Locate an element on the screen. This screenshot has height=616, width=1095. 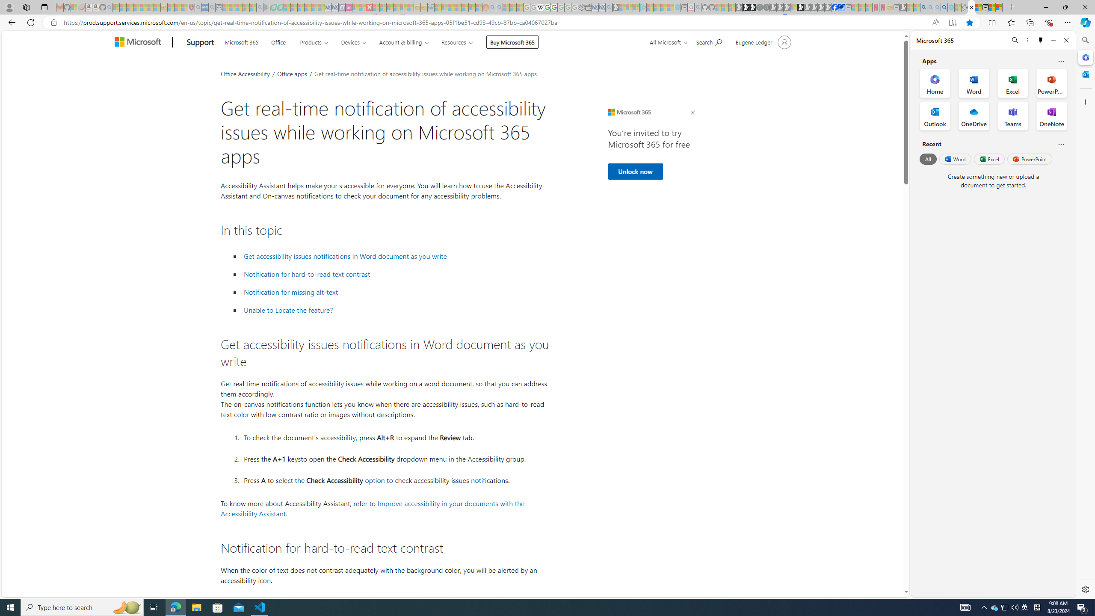
'New Report Confirms 2023 Was Record Hot | Watch - Sleeping' is located at coordinates (143, 7).